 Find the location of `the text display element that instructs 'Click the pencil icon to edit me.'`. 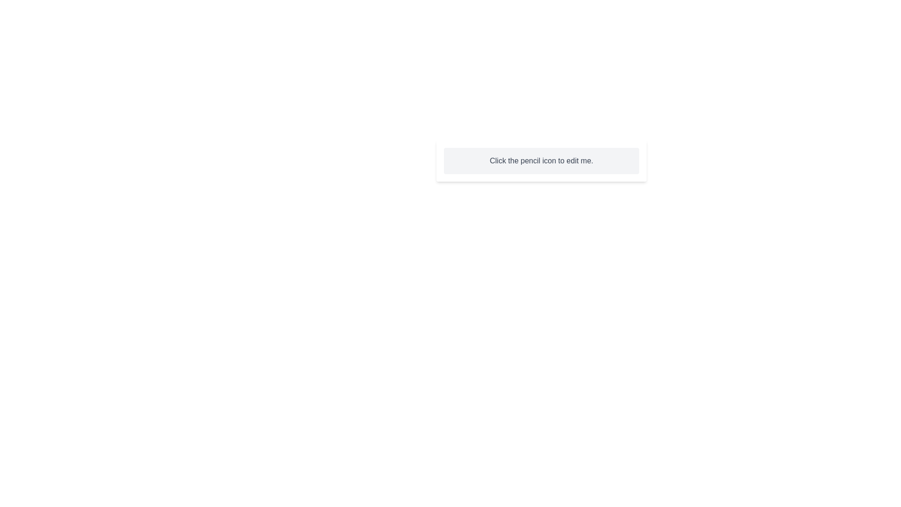

the text display element that instructs 'Click the pencil icon to edit me.' is located at coordinates (541, 161).